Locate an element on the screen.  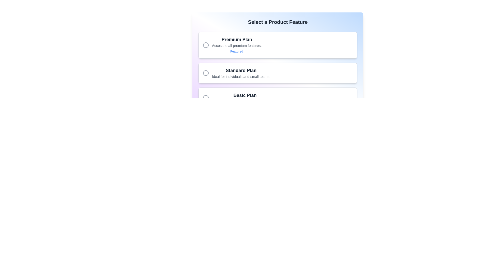
the 'Featured' label, which is a bold blue small font text positioned below the 'Premium Plan' title and the description 'Access to all premium features.' is located at coordinates (236, 52).